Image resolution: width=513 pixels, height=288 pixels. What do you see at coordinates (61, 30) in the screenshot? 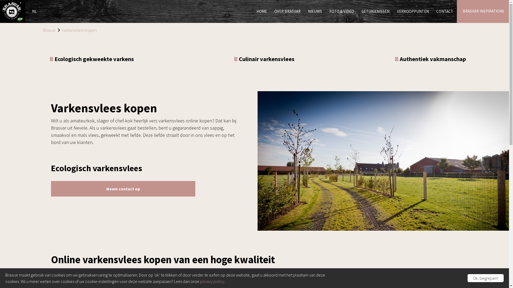
I see `'Varkensvlees kopen'` at bounding box center [61, 30].